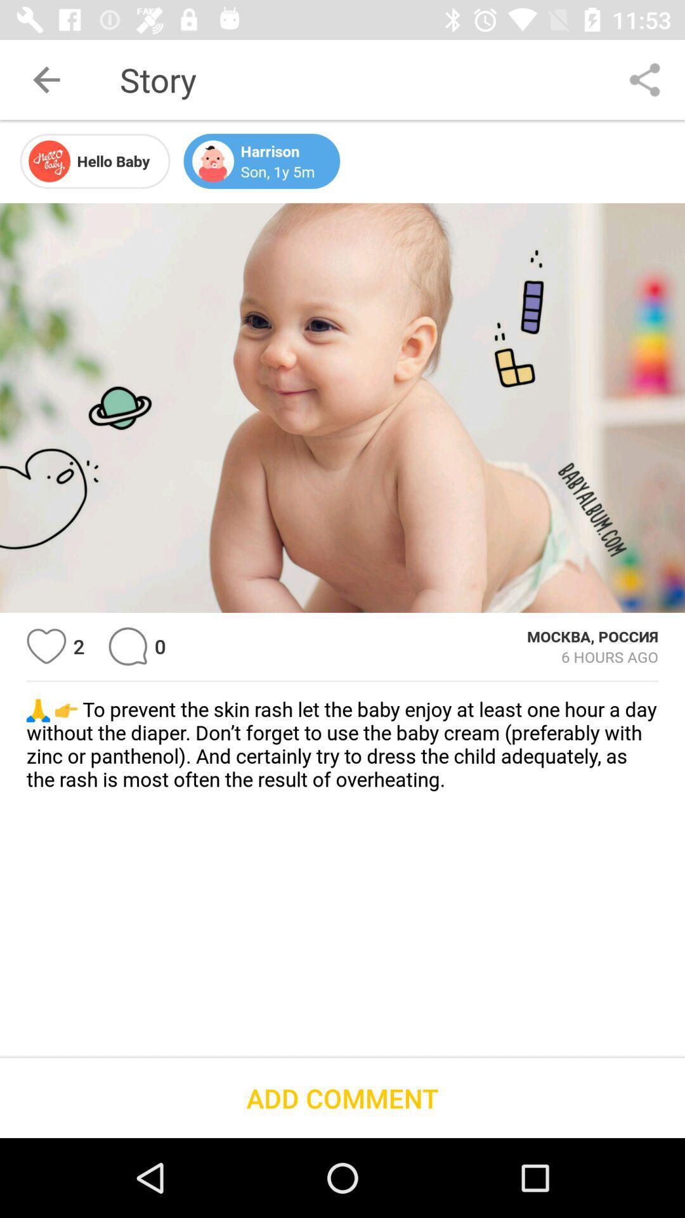 The width and height of the screenshot is (685, 1218). I want to click on the favorite icon, so click(46, 646).